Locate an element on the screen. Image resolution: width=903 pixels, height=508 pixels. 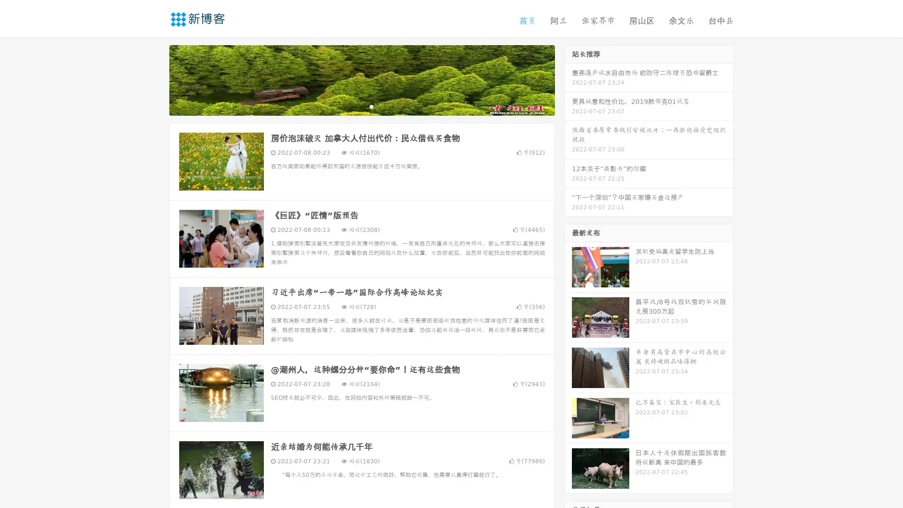
Go to slide 2 is located at coordinates (361, 106).